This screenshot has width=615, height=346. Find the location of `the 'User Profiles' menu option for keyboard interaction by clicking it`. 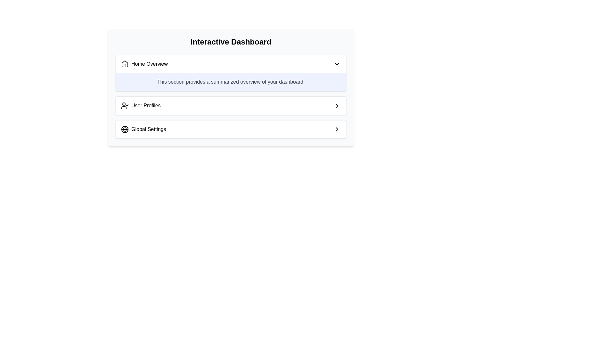

the 'User Profiles' menu option for keyboard interaction by clicking it is located at coordinates (231, 105).